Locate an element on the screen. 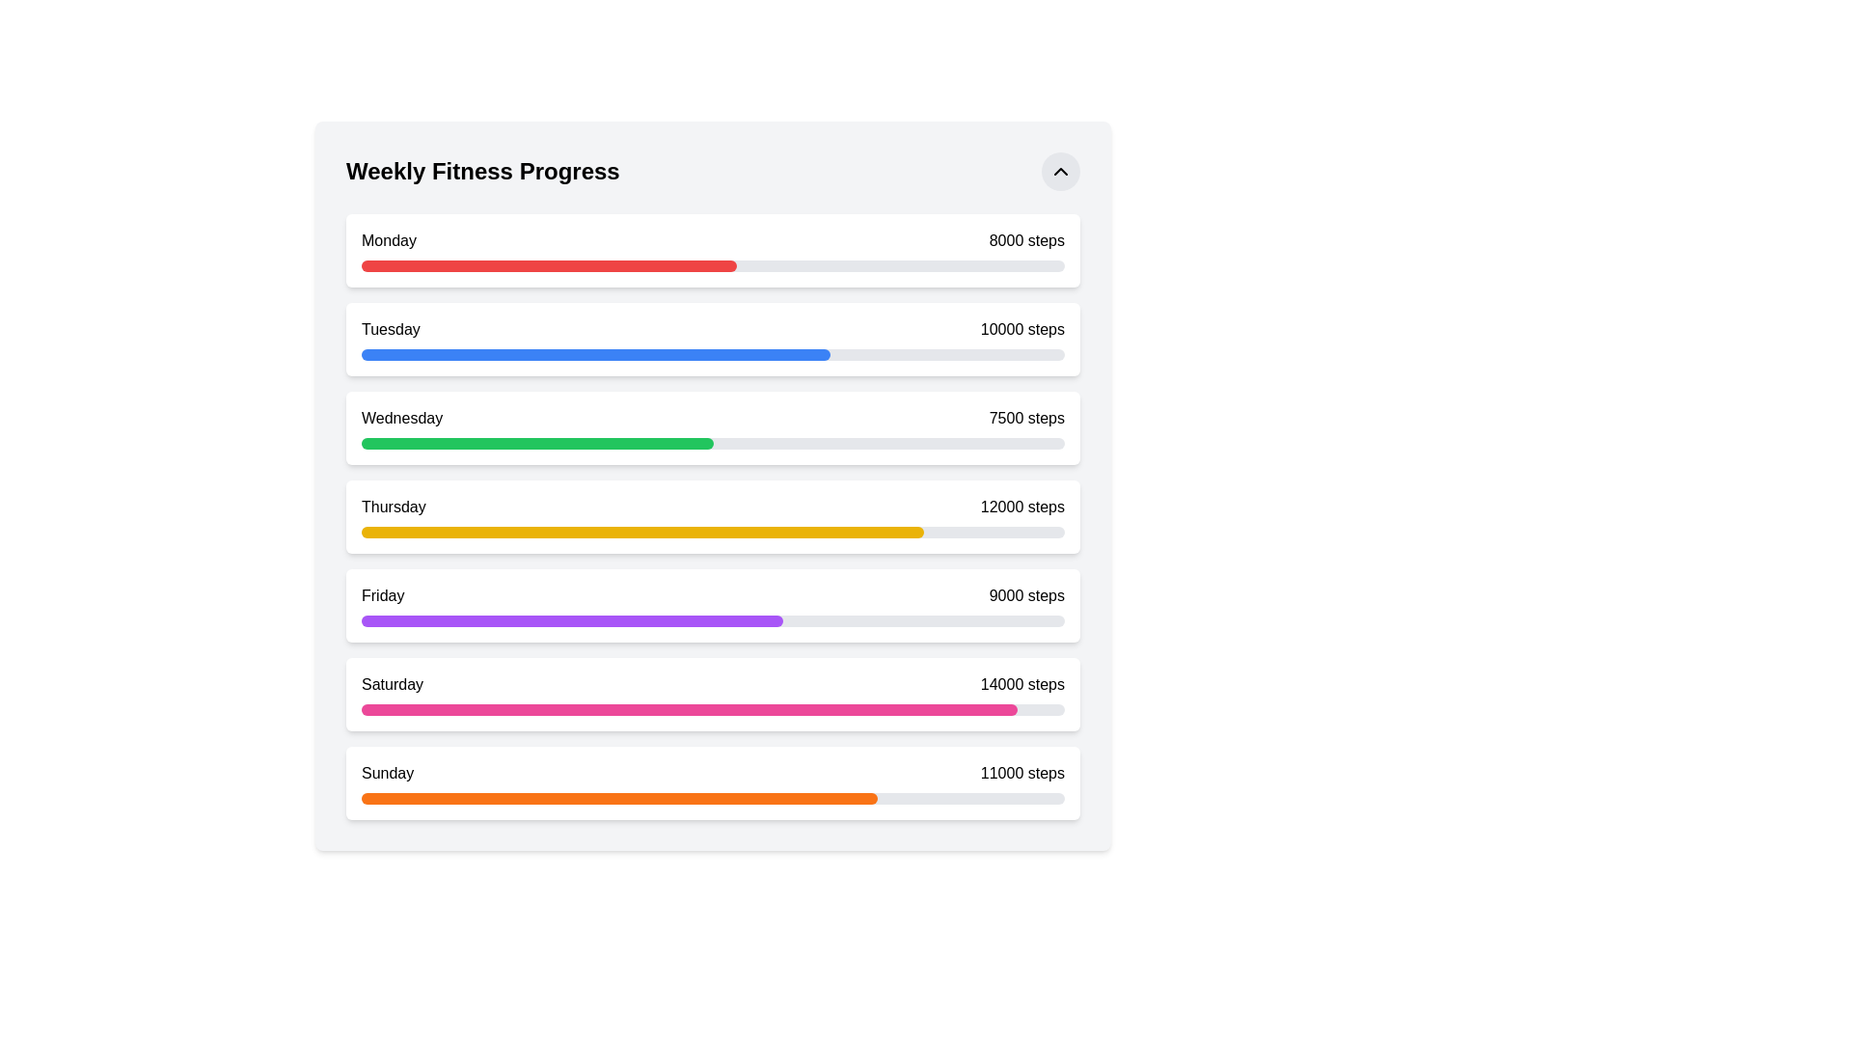 The image size is (1852, 1042). the progress bar located below the text 'Tuesday' and '10000 steps', which is the second item in the list of daily progress indicators is located at coordinates (712, 350).